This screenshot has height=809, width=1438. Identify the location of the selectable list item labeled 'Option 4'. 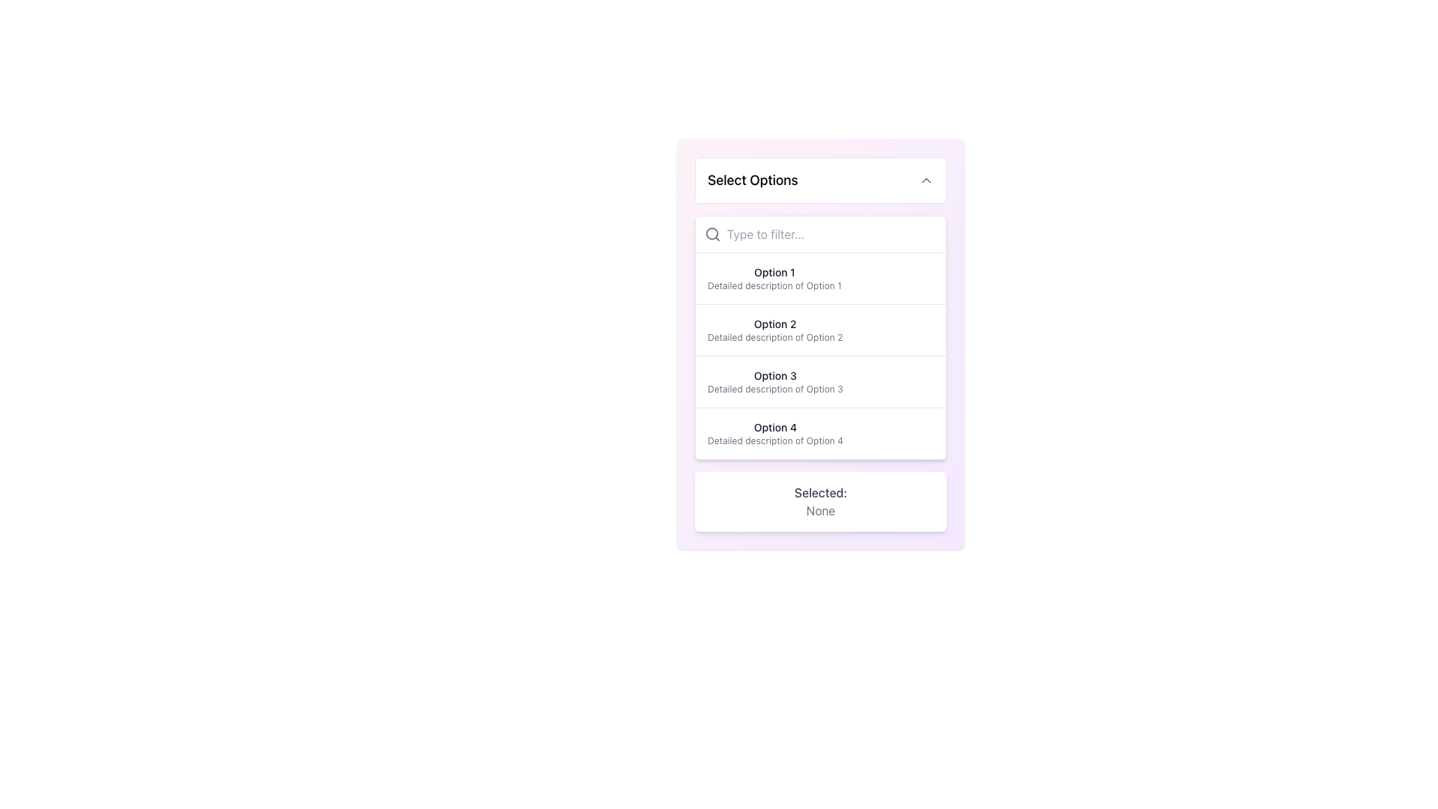
(775, 433).